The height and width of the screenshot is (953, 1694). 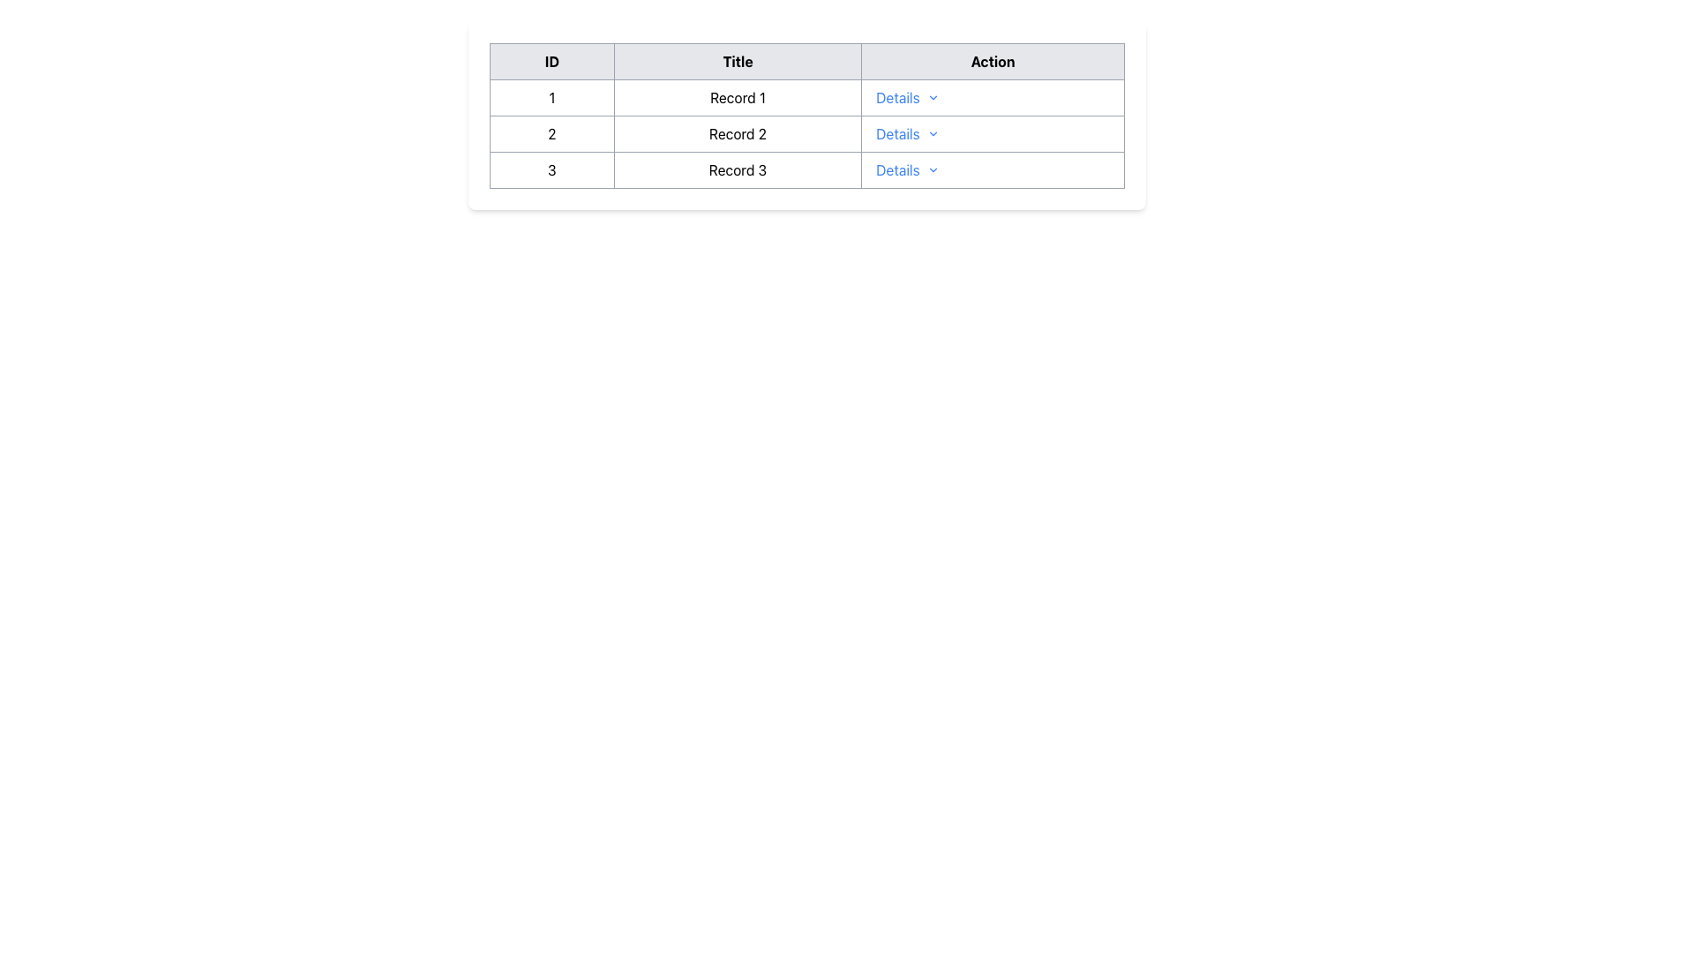 I want to click on the interactive text link labeled 'Details' with an adjacent downward-facing chevron icon in the second row of the 'Action' column, so click(x=907, y=132).